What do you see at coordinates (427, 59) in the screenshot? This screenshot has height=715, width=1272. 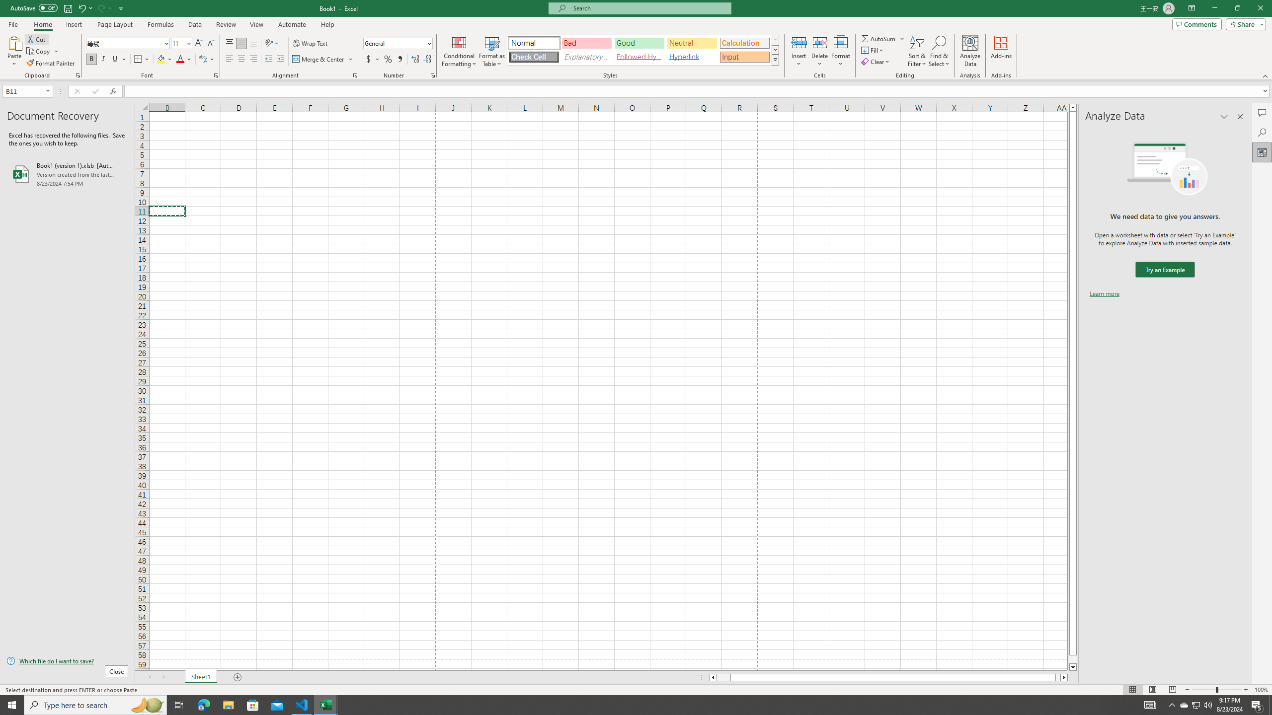 I see `'Decrease Decimal'` at bounding box center [427, 59].